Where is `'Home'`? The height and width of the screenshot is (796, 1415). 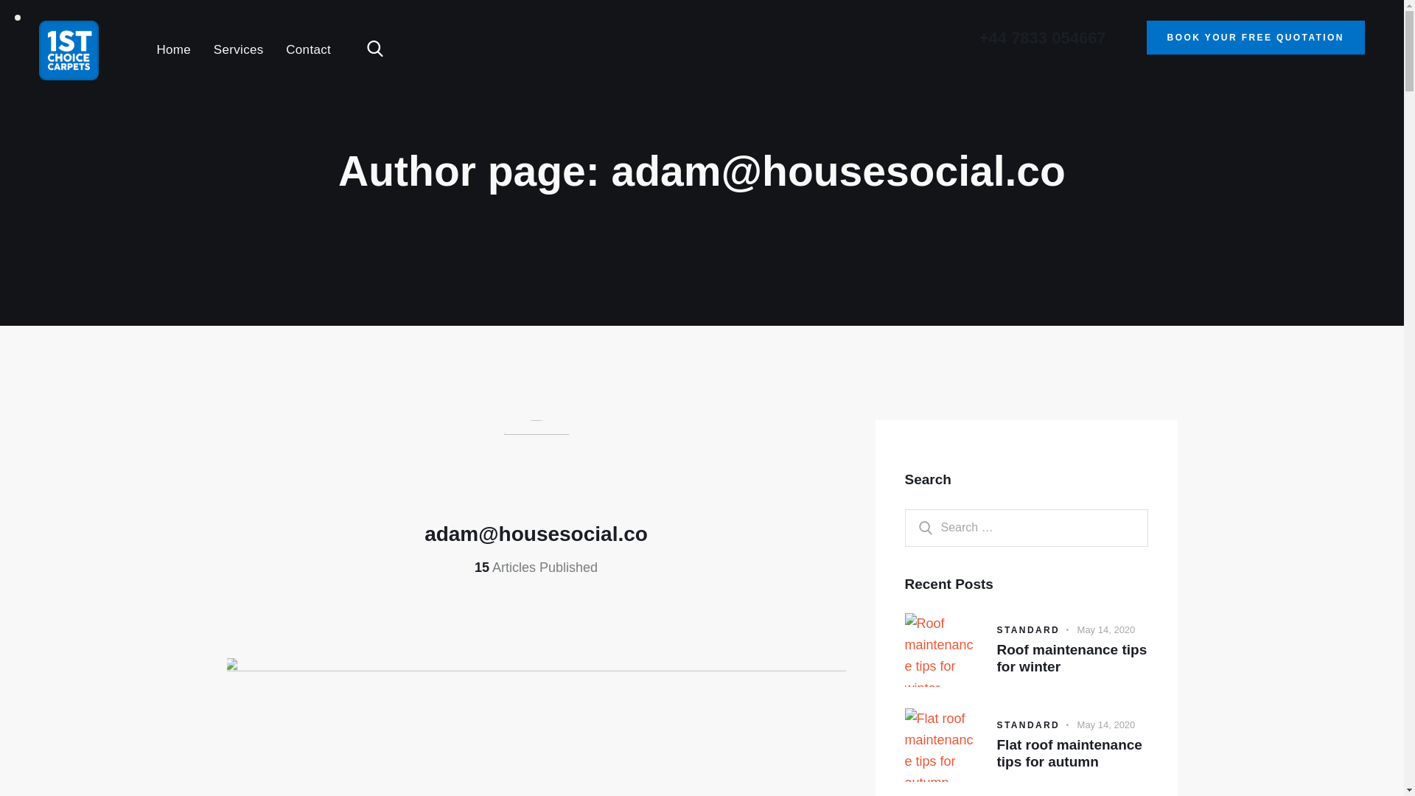
'Home' is located at coordinates (144, 50).